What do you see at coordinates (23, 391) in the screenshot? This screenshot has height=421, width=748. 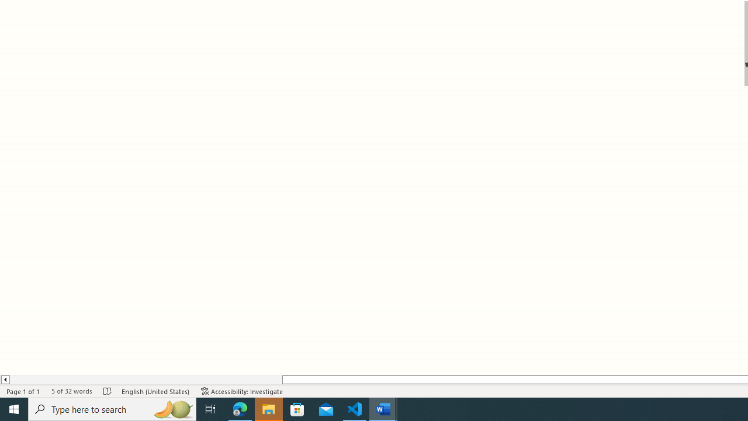 I see `'Page Number Page 1 of 1'` at bounding box center [23, 391].